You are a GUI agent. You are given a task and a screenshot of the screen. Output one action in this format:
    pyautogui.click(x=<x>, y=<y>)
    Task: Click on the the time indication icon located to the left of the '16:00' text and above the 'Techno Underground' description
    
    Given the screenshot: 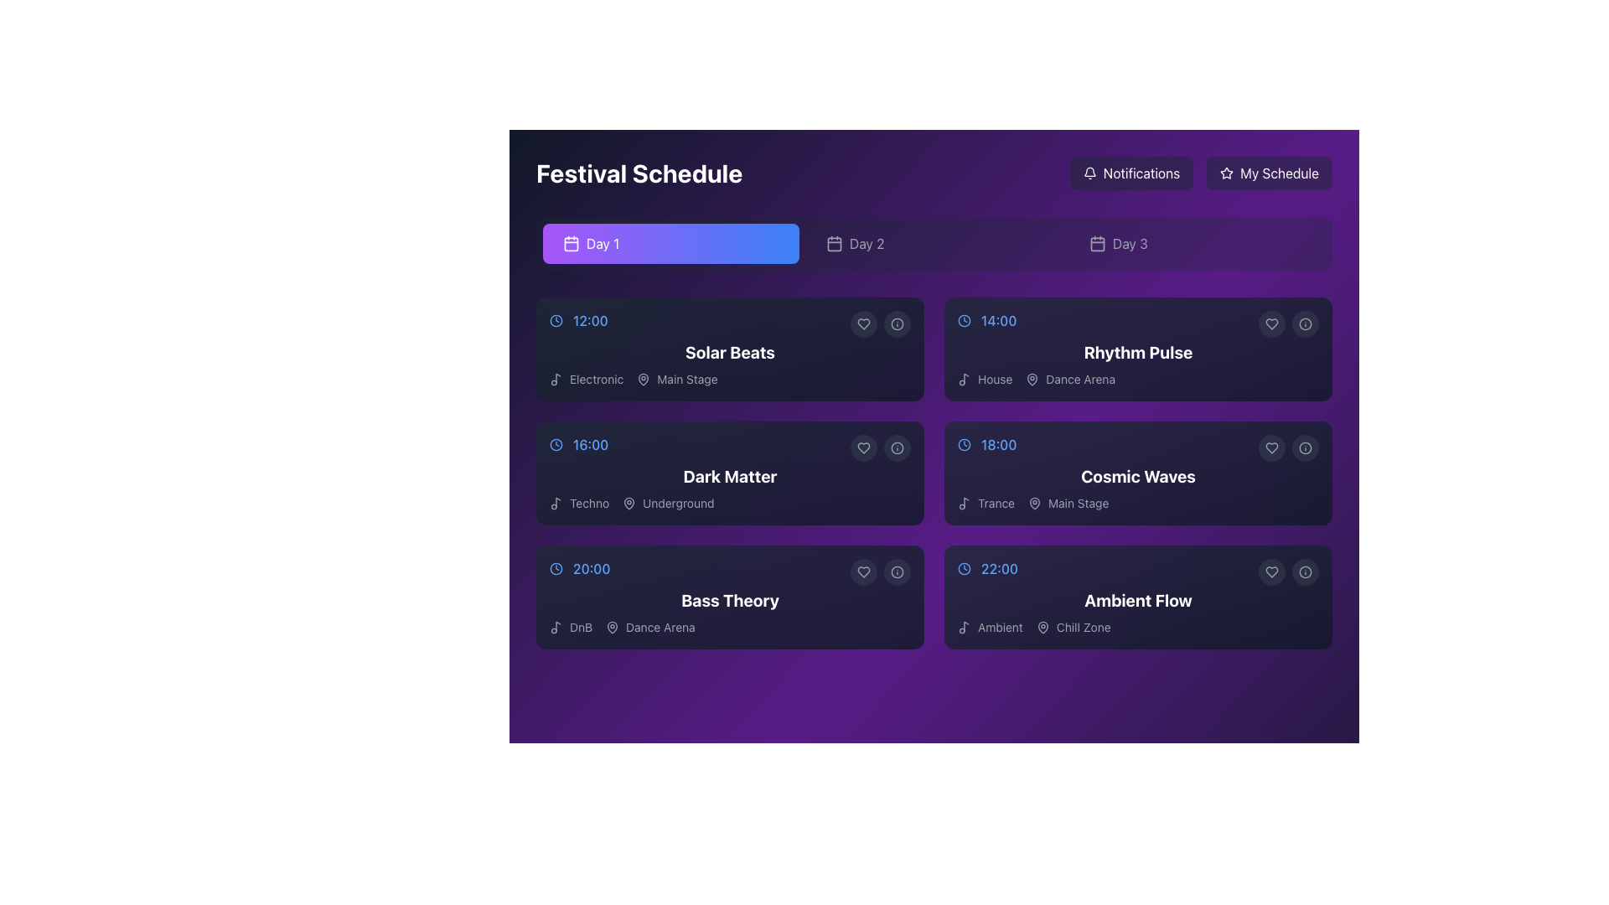 What is the action you would take?
    pyautogui.click(x=556, y=444)
    